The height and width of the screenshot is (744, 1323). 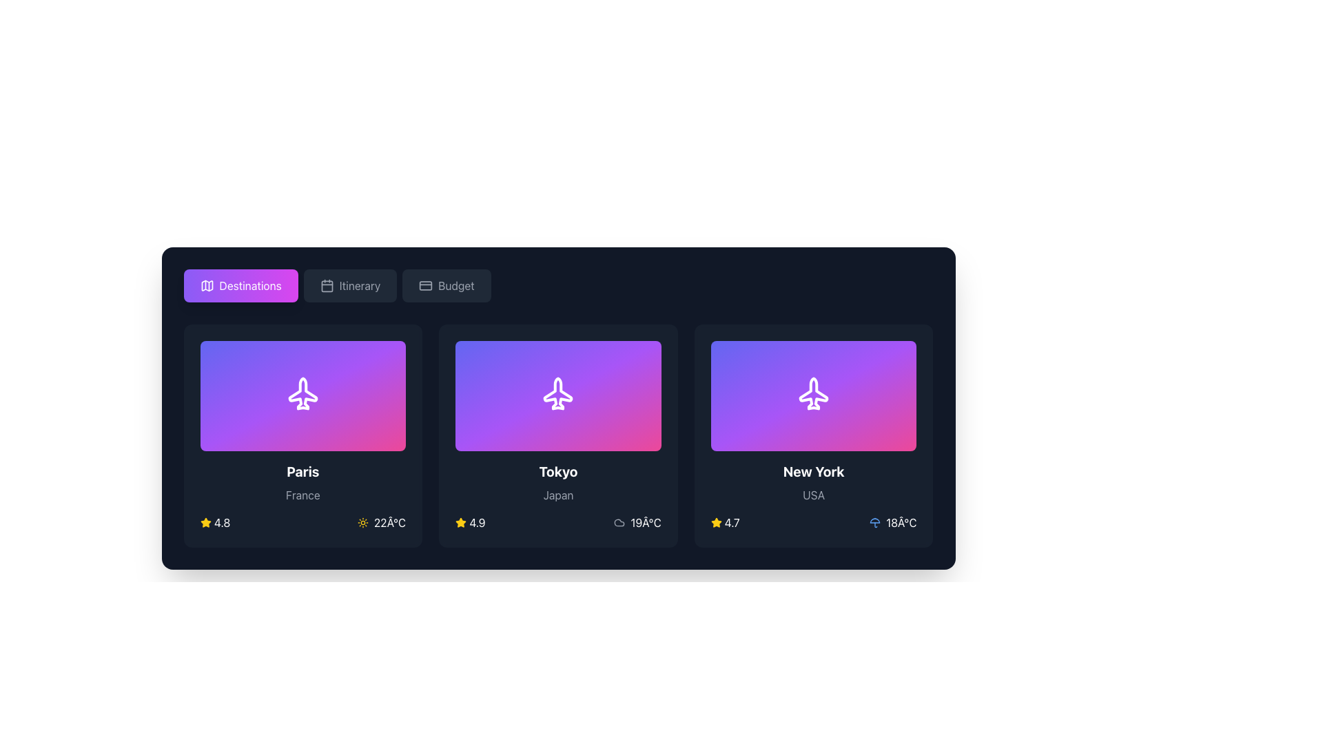 I want to click on the graphical element representing travel within the 'Tokyo' card, so click(x=558, y=395).